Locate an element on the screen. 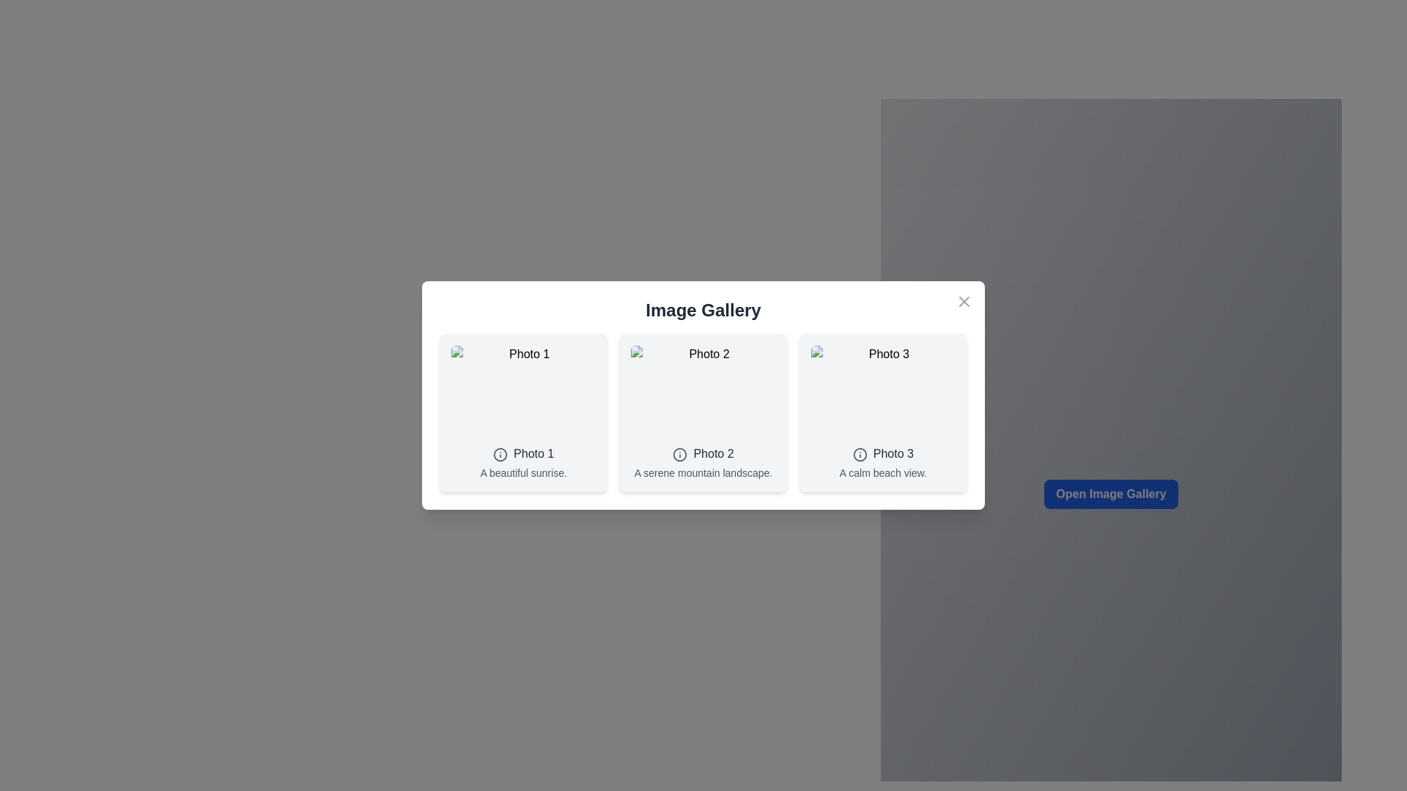 The width and height of the screenshot is (1407, 791). title of the text label located at the top center of the white card that indicates the section displays an image gallery is located at coordinates (703, 310).